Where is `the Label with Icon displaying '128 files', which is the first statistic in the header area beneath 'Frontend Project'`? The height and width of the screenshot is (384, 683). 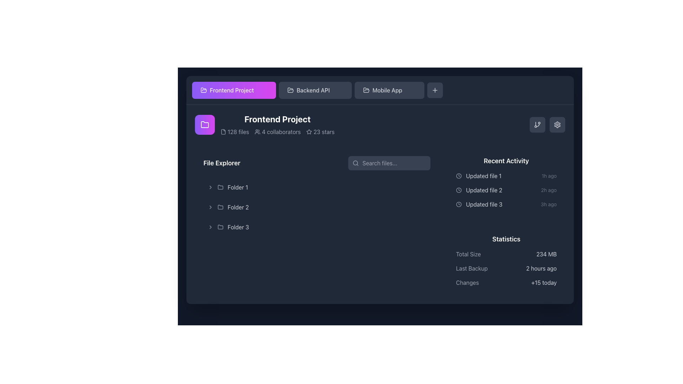 the Label with Icon displaying '128 files', which is the first statistic in the header area beneath 'Frontend Project' is located at coordinates (235, 132).